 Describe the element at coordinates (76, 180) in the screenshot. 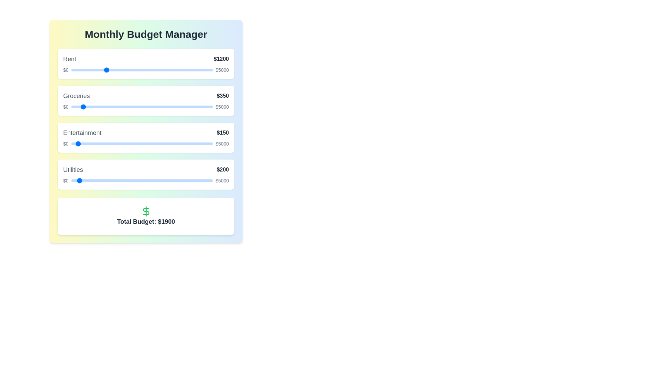

I see `the utility budget slider` at that location.